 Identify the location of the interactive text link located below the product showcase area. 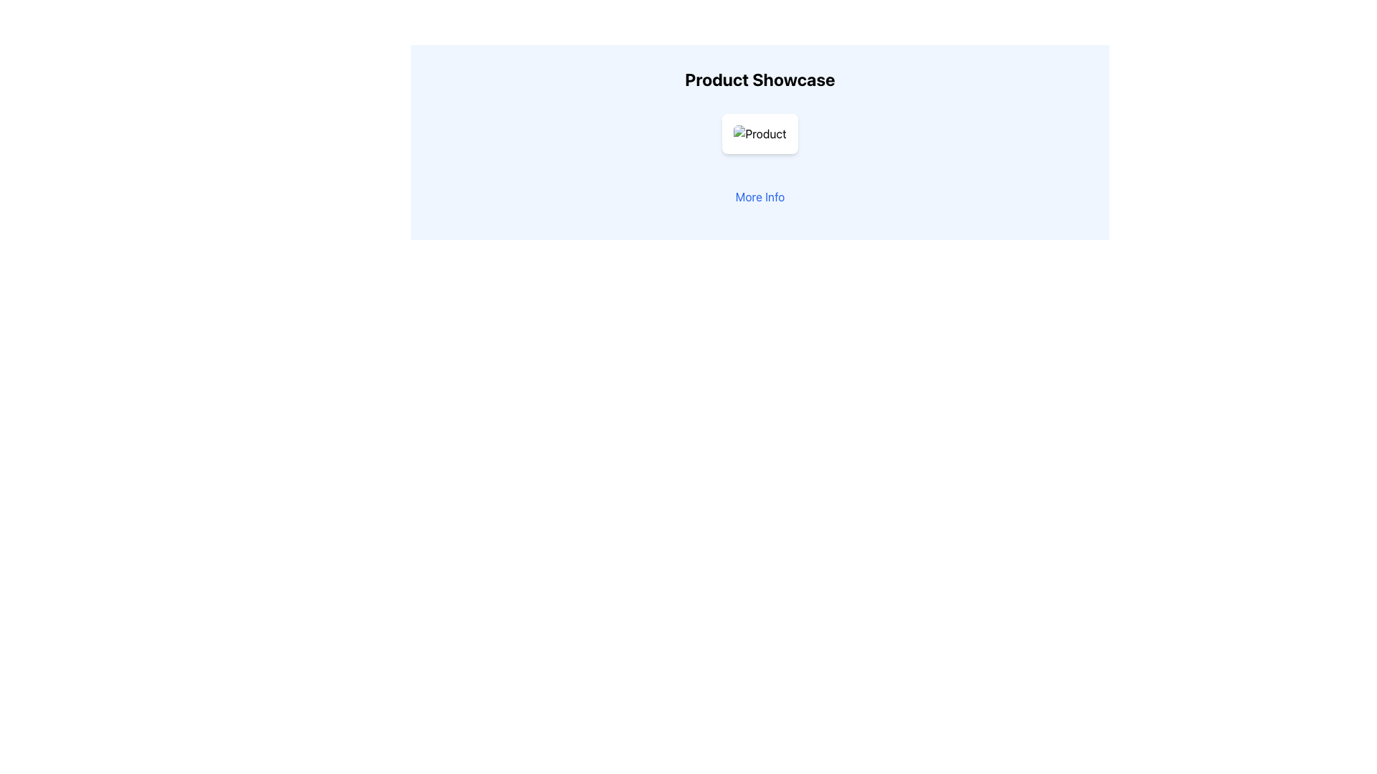
(760, 196).